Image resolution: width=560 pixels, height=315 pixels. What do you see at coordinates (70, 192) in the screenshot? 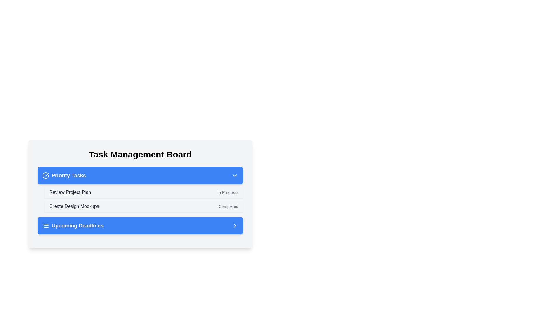
I see `the text label displaying the task title 'Review Project Plan', which is the first item in the 'Priority Tasks' section` at bounding box center [70, 192].